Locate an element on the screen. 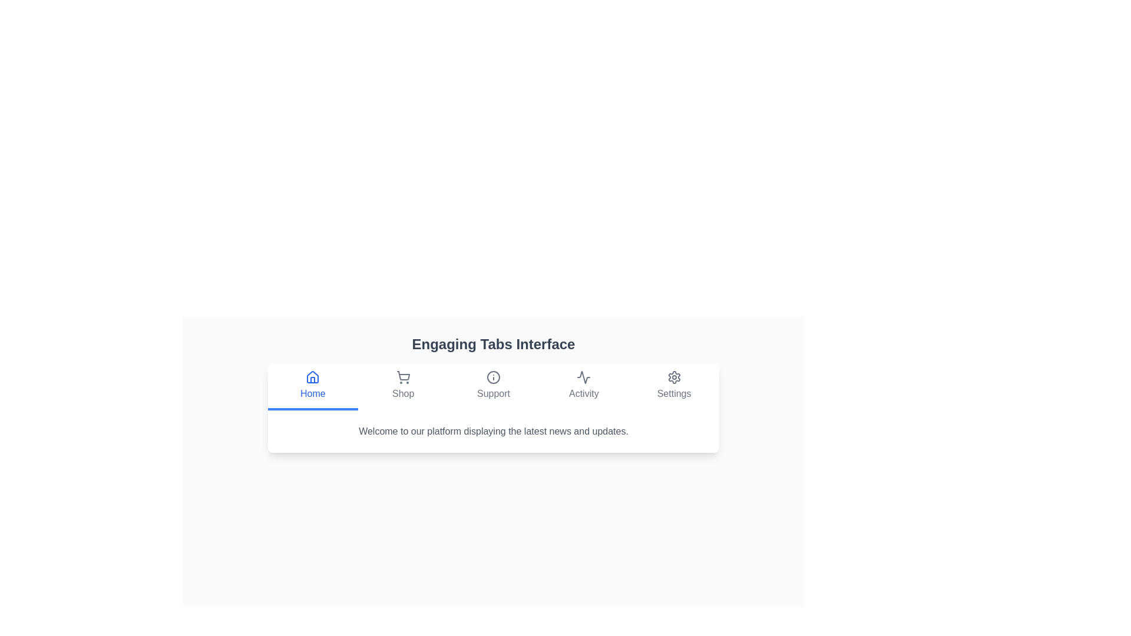 This screenshot has height=636, width=1131. the 'Settings' tab button in the horizontal navigation bar is located at coordinates (674, 386).